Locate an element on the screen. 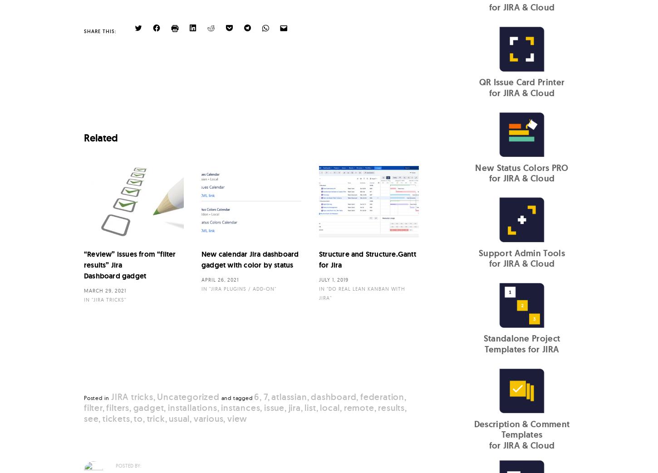 This screenshot has height=473, width=658. 'filters' is located at coordinates (118, 407).